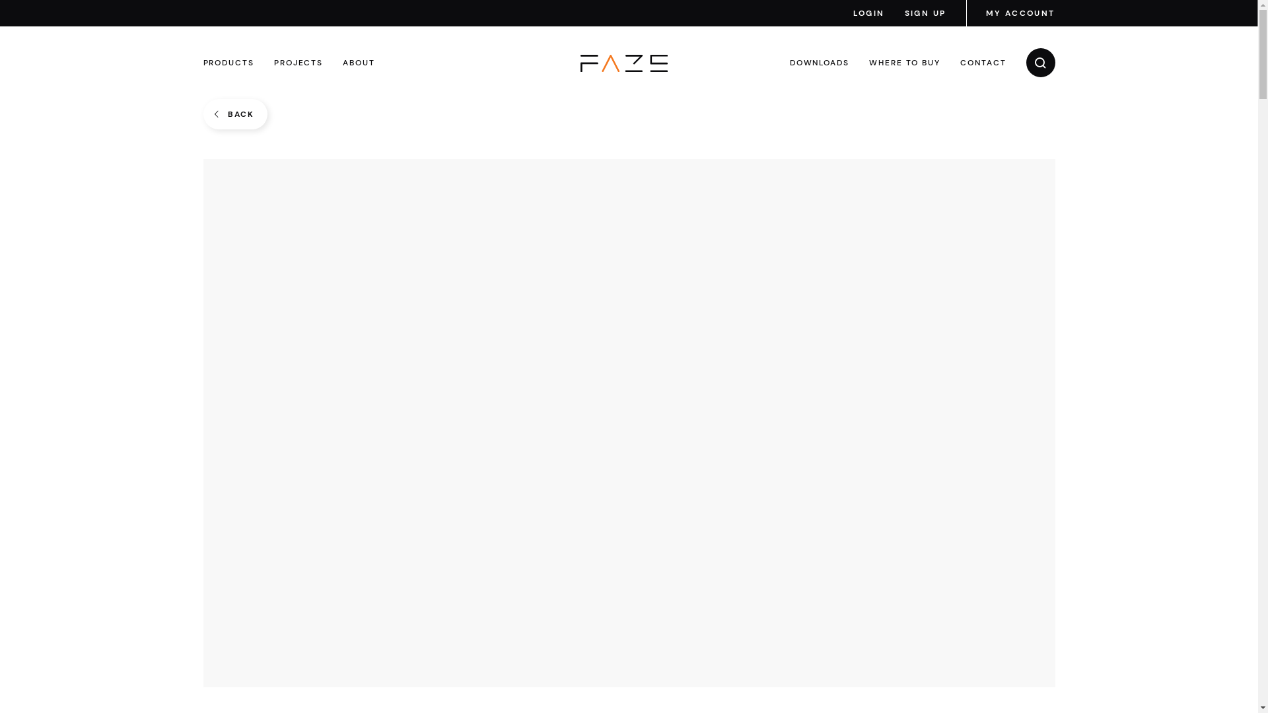  I want to click on 'WHERE TO BUY', so click(903, 63).